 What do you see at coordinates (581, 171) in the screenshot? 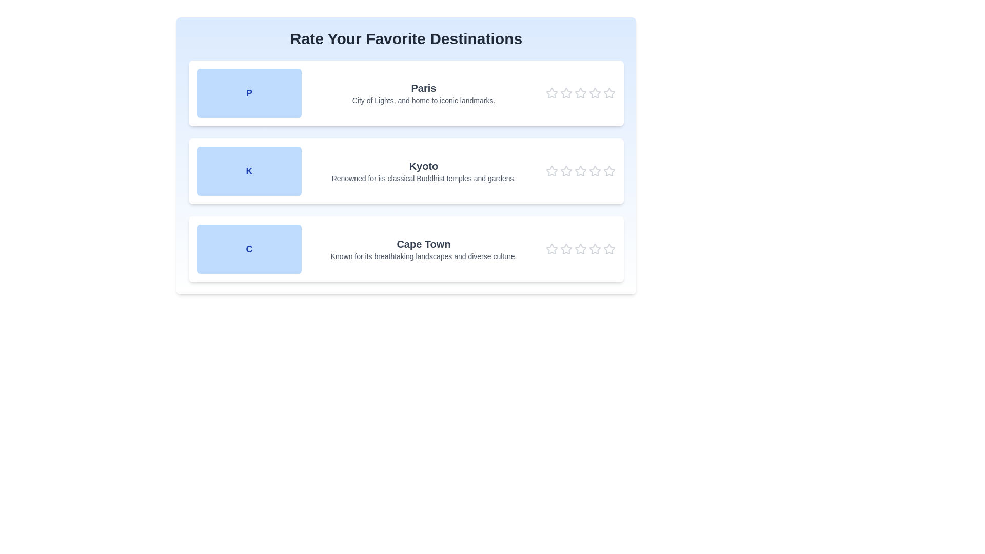
I see `the third star icon in the rating interface for the Kyoto destination section` at bounding box center [581, 171].